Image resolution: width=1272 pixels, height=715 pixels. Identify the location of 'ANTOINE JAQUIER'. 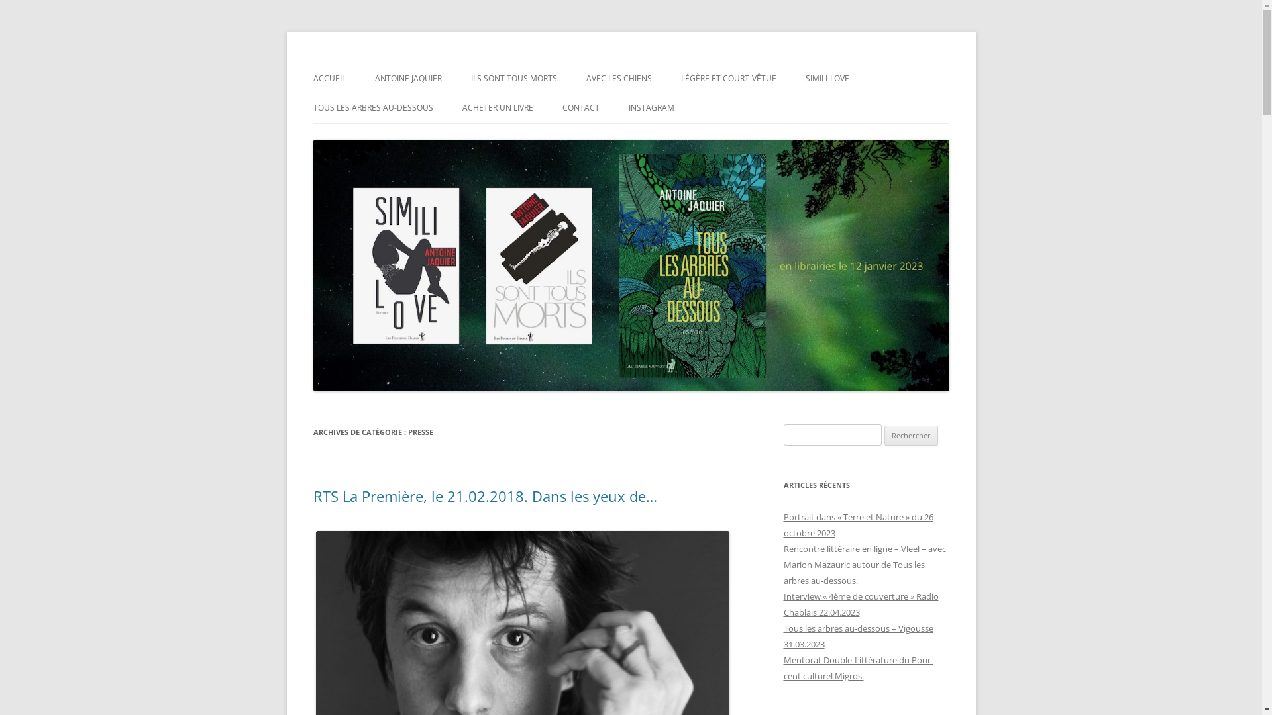
(407, 79).